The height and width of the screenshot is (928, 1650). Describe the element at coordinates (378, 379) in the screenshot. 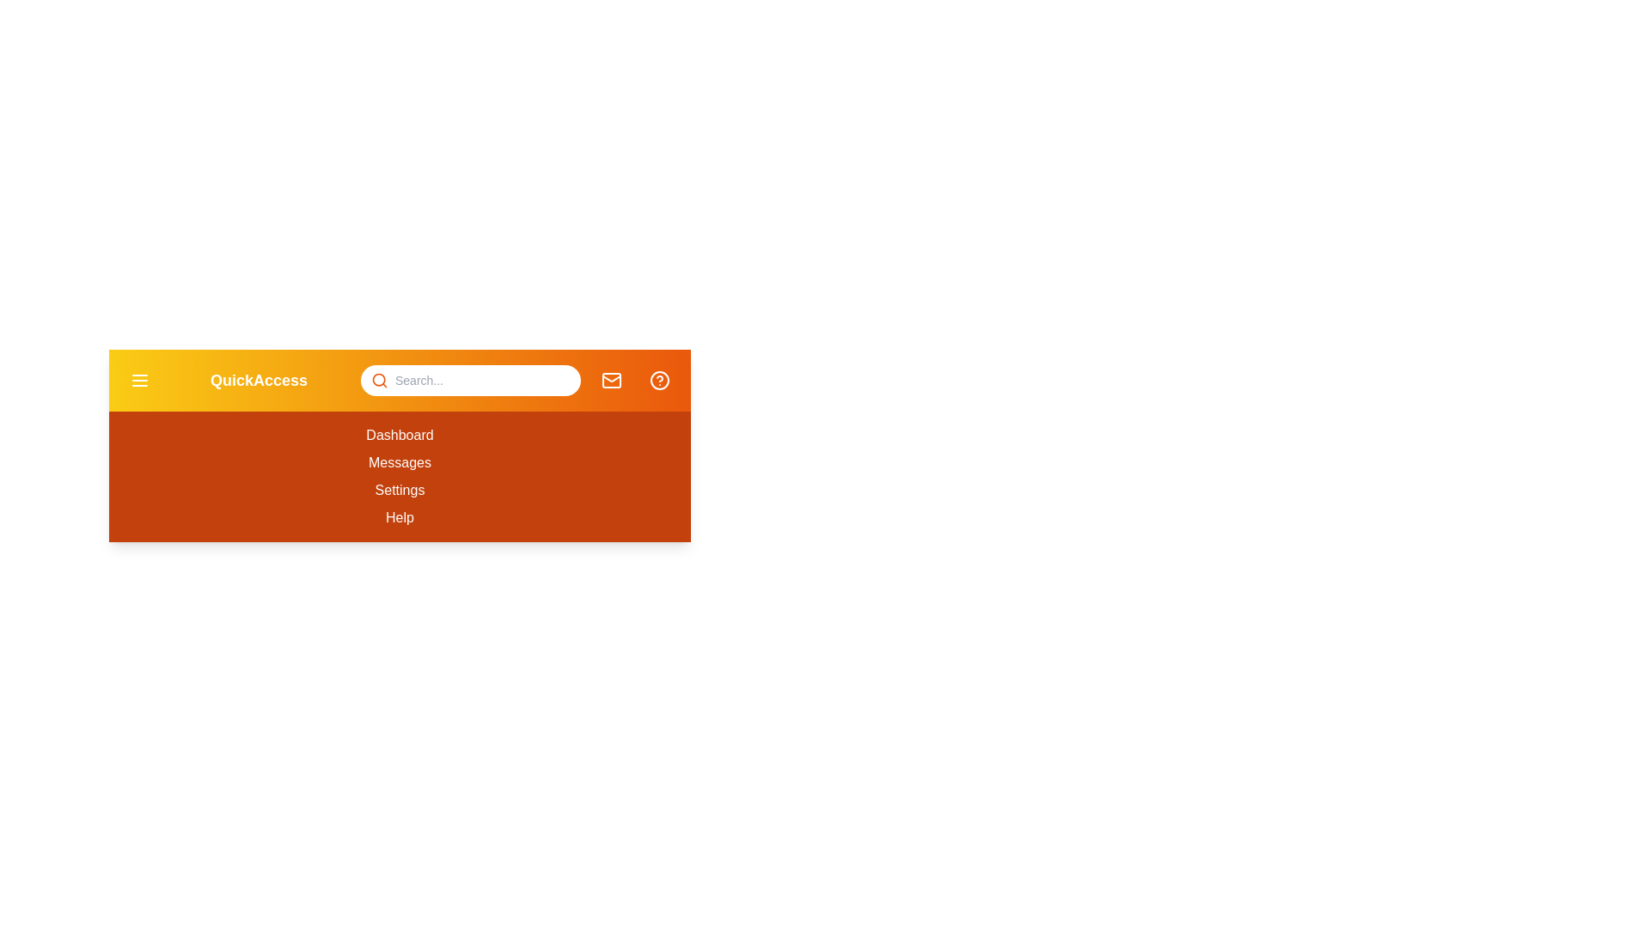

I see `the Decoration element of the search icon in the top navigation bar, which indicates the search functionality` at that location.